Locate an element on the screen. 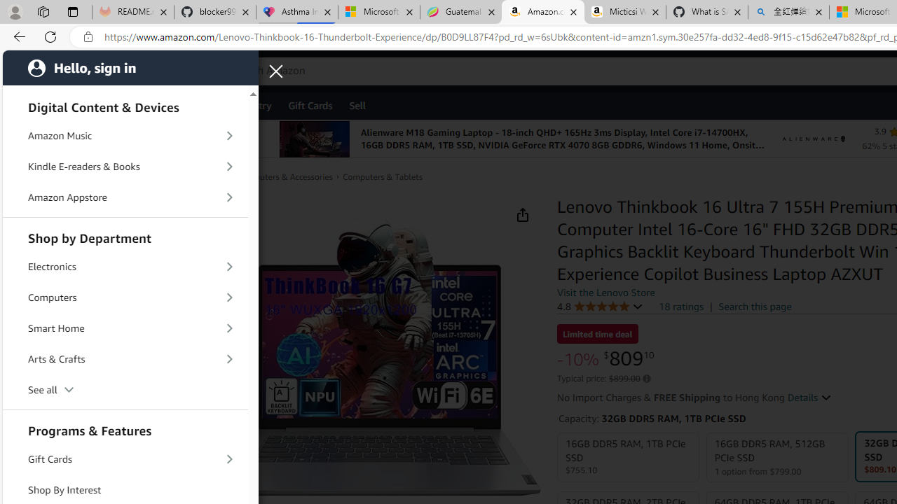  'Computers & Accessories' is located at coordinates (285, 176).